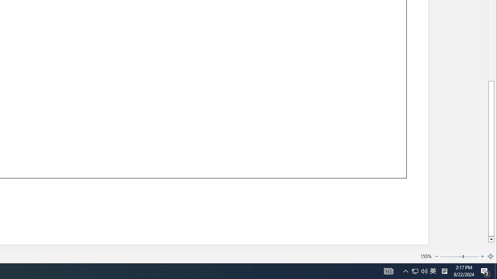 Image resolution: width=497 pixels, height=279 pixels. What do you see at coordinates (444, 270) in the screenshot?
I see `'Tray Input Indicator - Chinese (Simplified, China)'` at bounding box center [444, 270].